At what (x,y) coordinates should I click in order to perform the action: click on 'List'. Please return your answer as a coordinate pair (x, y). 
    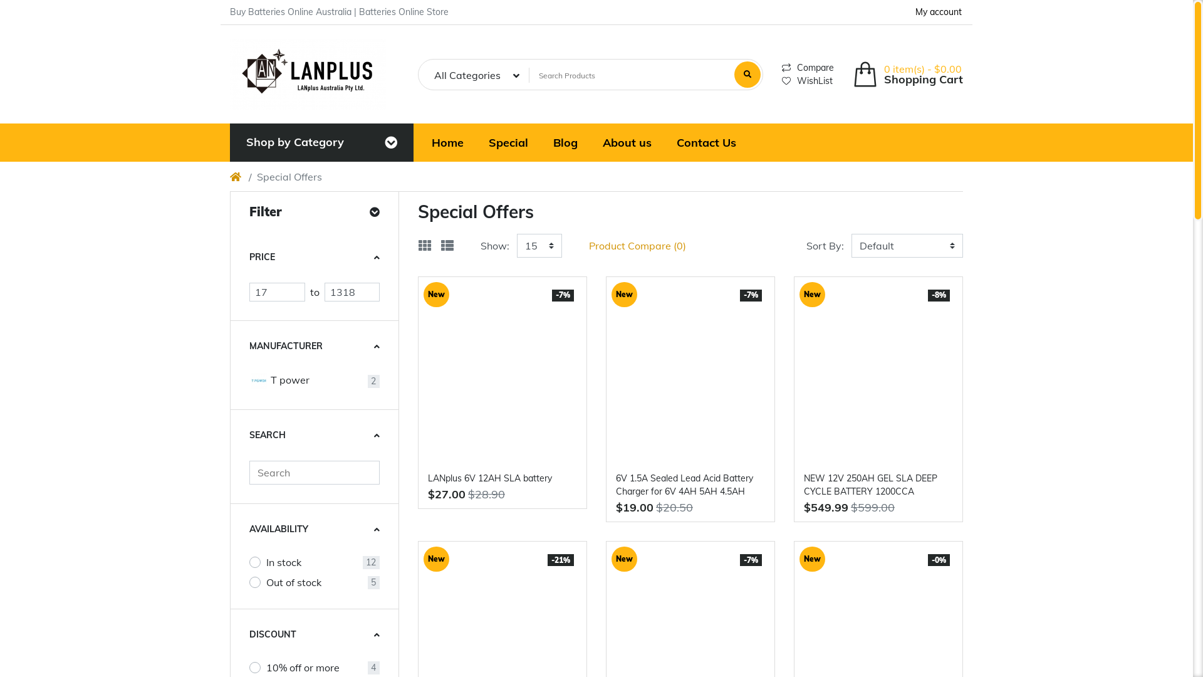
    Looking at the image, I should click on (447, 246).